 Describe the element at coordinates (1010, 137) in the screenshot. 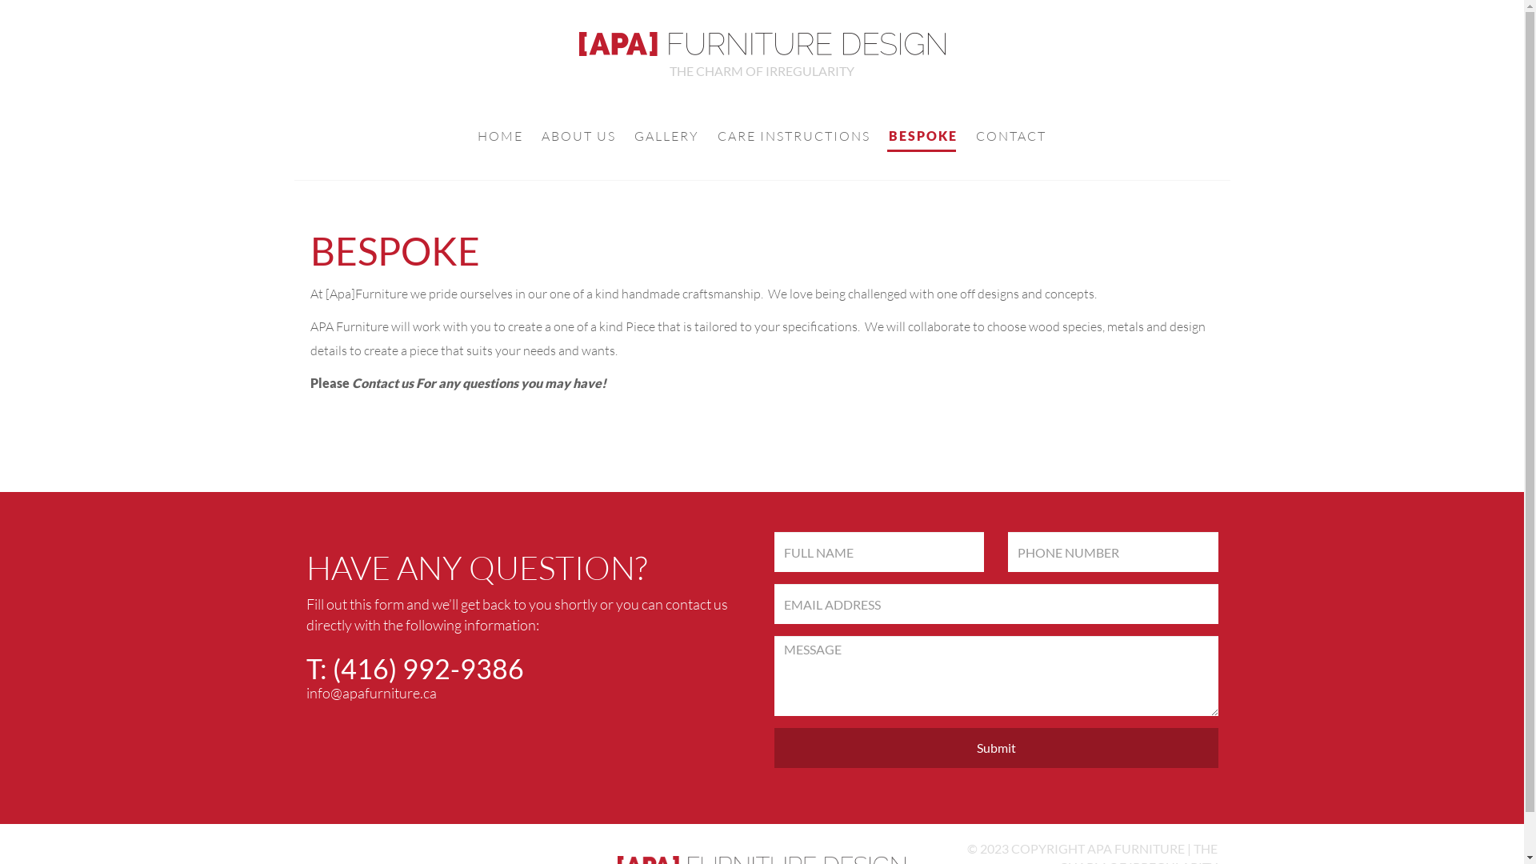

I see `'CONTACT'` at that location.